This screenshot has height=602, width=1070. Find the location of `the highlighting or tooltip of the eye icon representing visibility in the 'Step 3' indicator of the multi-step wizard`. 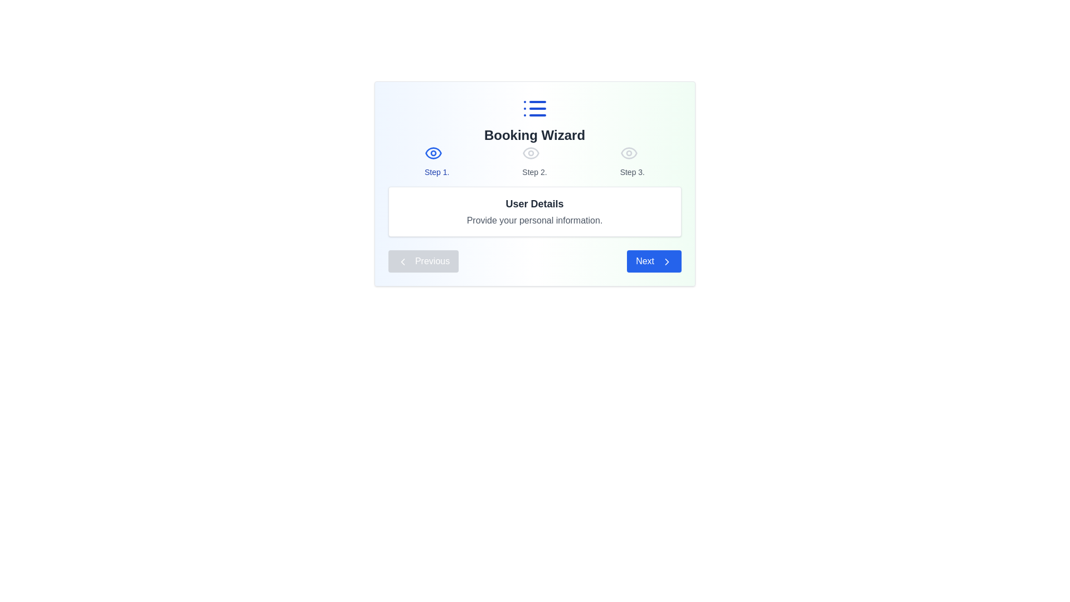

the highlighting or tooltip of the eye icon representing visibility in the 'Step 3' indicator of the multi-step wizard is located at coordinates (629, 153).